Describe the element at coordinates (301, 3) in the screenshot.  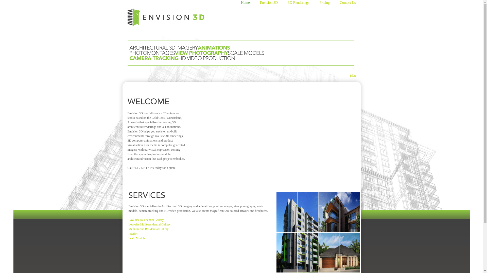
I see `'3D Renderings'` at that location.